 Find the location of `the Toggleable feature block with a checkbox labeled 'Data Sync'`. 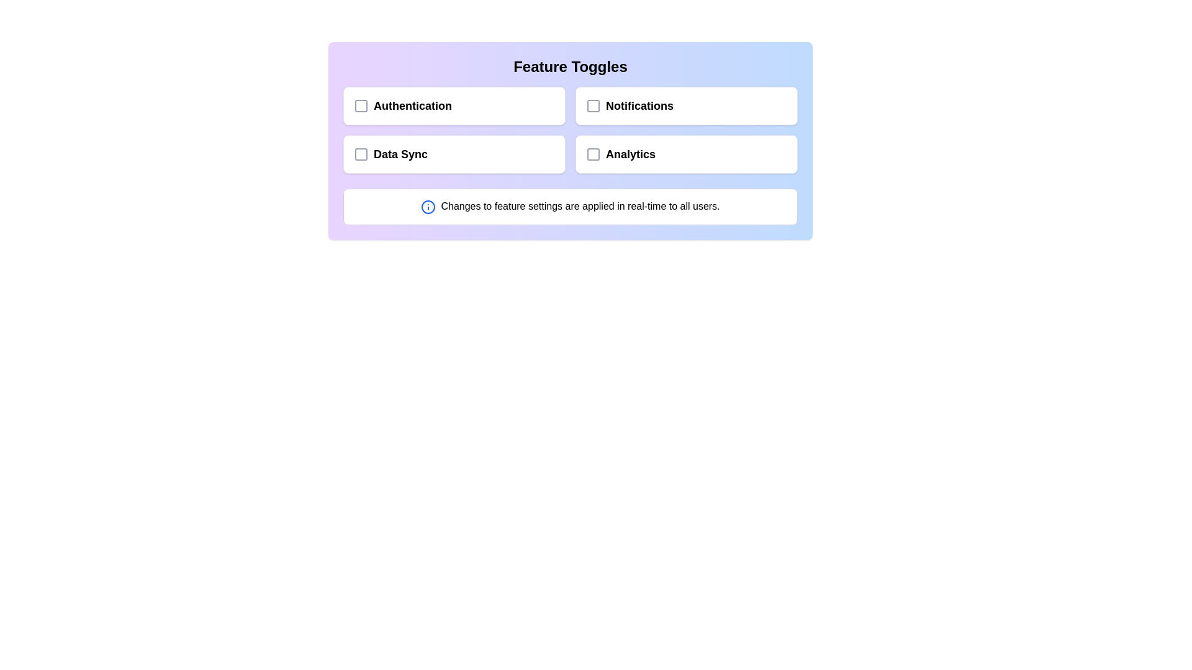

the Toggleable feature block with a checkbox labeled 'Data Sync' is located at coordinates (453, 154).